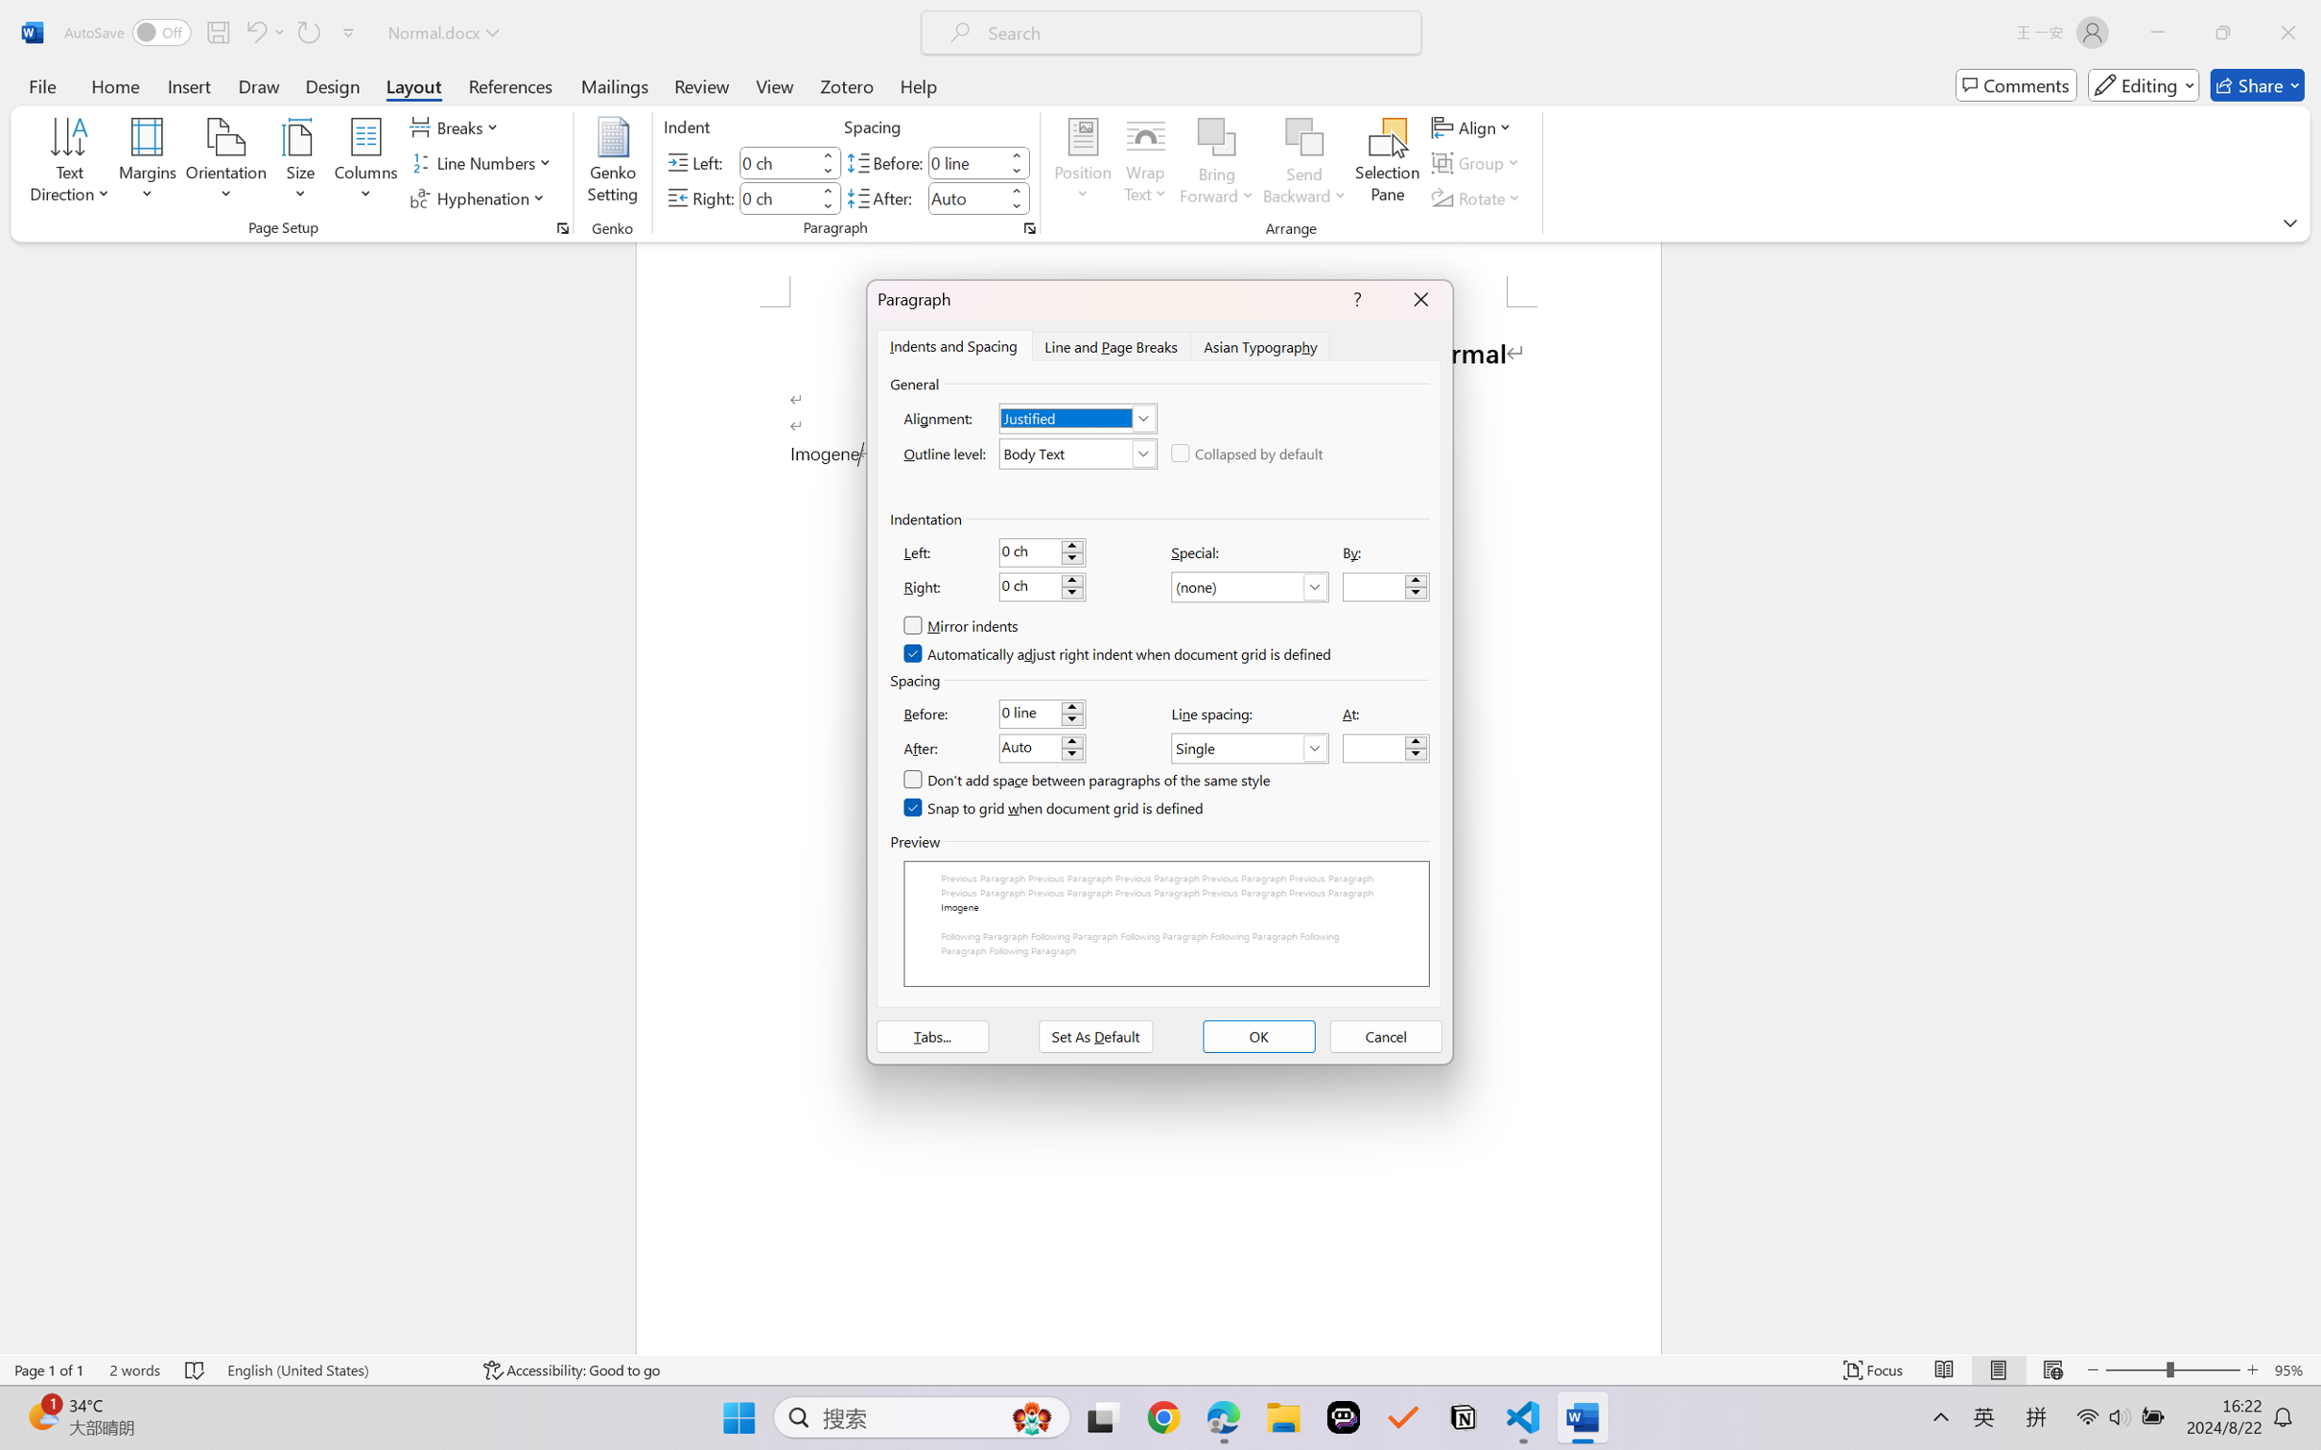 Image resolution: width=2321 pixels, height=1450 pixels. What do you see at coordinates (147, 163) in the screenshot?
I see `'Margins'` at bounding box center [147, 163].